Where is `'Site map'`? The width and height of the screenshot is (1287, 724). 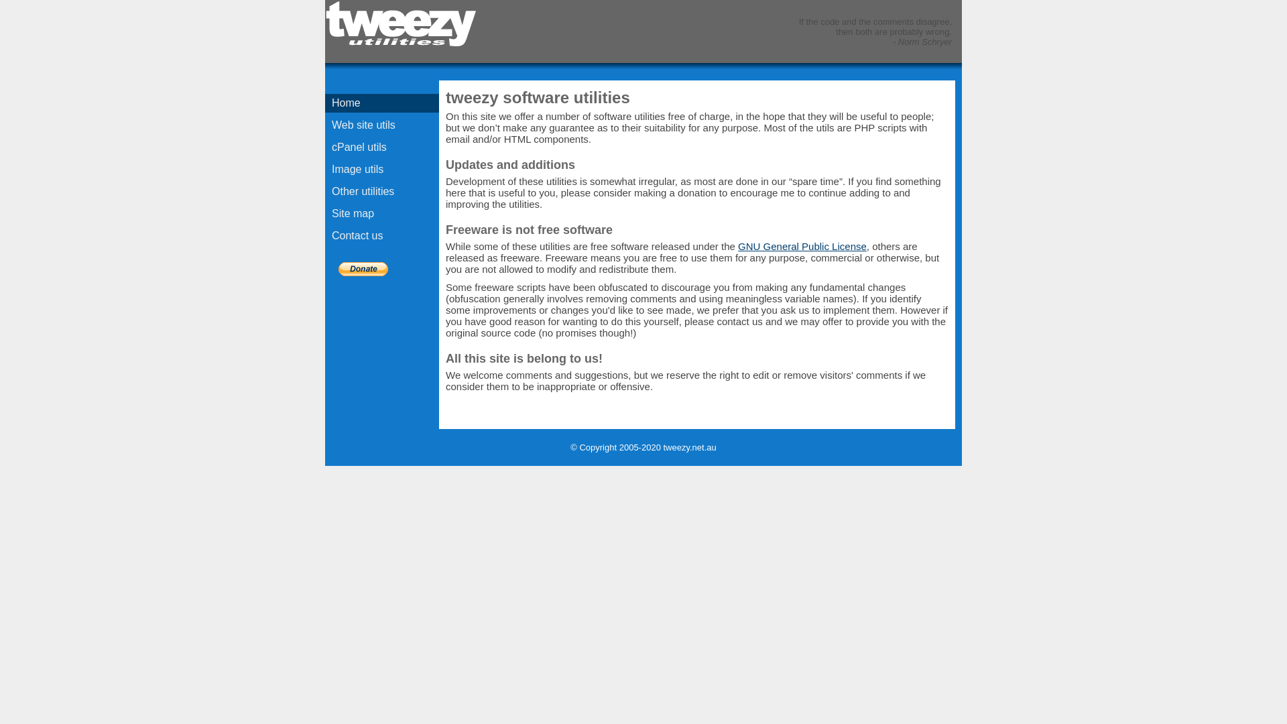
'Site map' is located at coordinates (381, 213).